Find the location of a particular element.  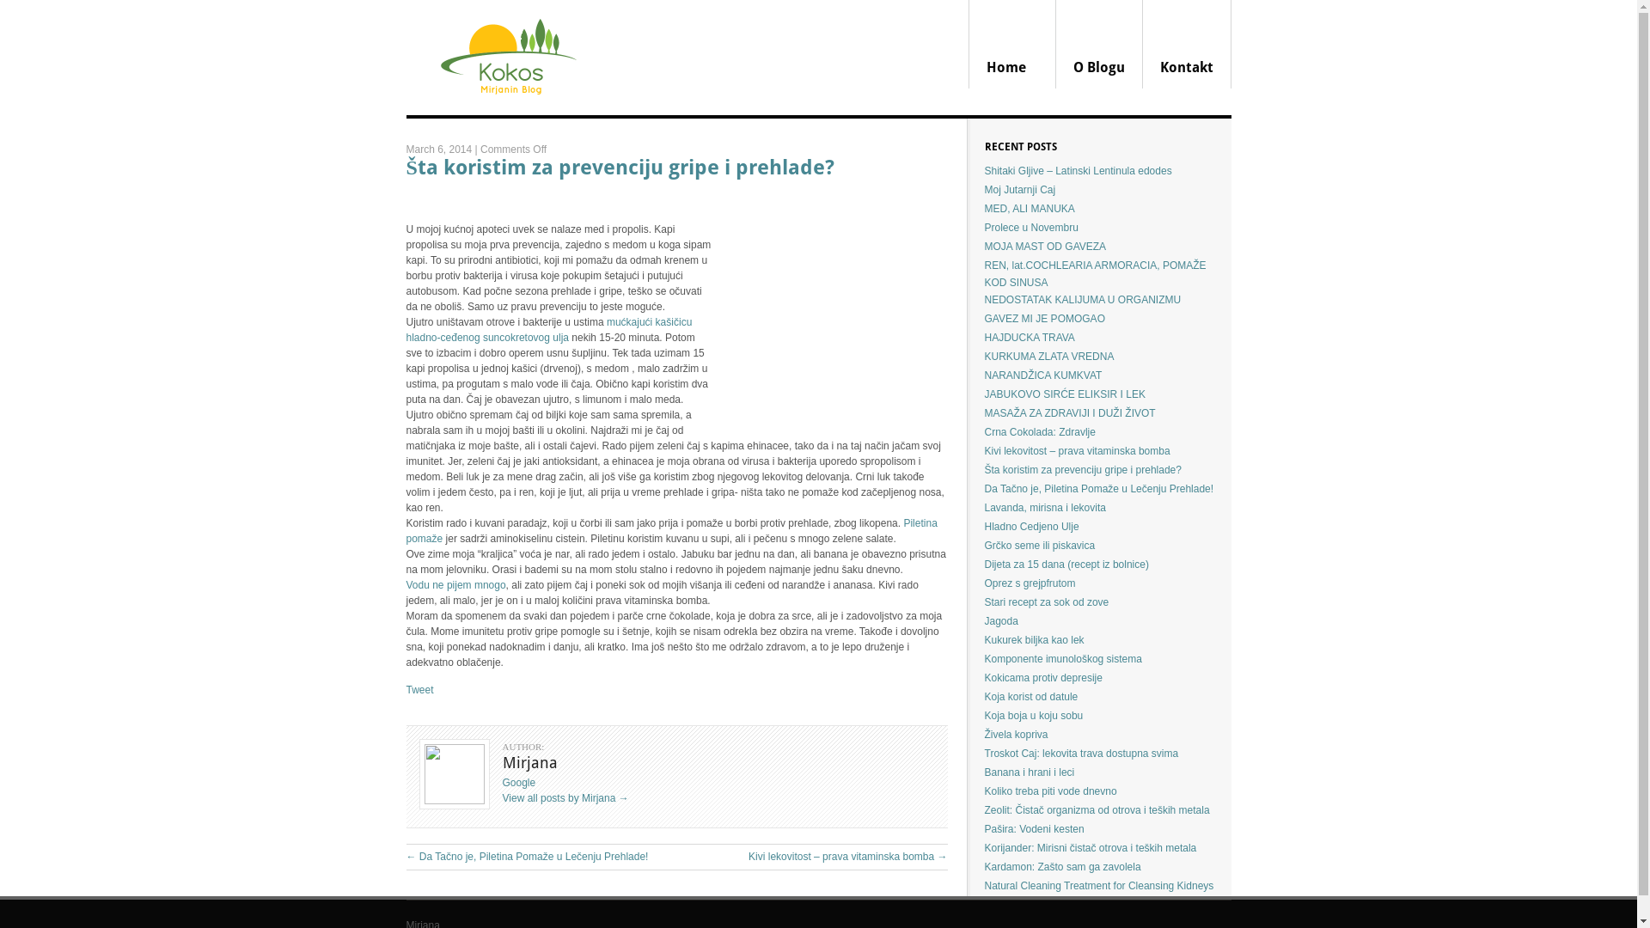

'KURKUMA ZLATA VREDNA' is located at coordinates (1048, 356).